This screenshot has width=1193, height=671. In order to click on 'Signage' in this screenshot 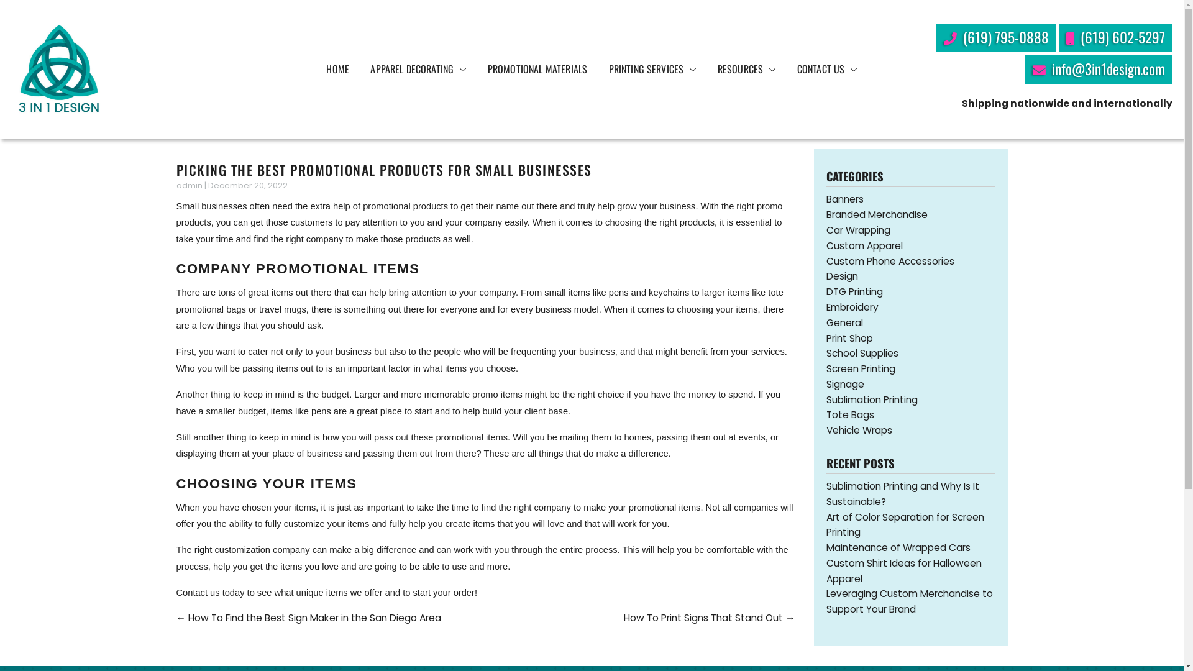, I will do `click(845, 383)`.